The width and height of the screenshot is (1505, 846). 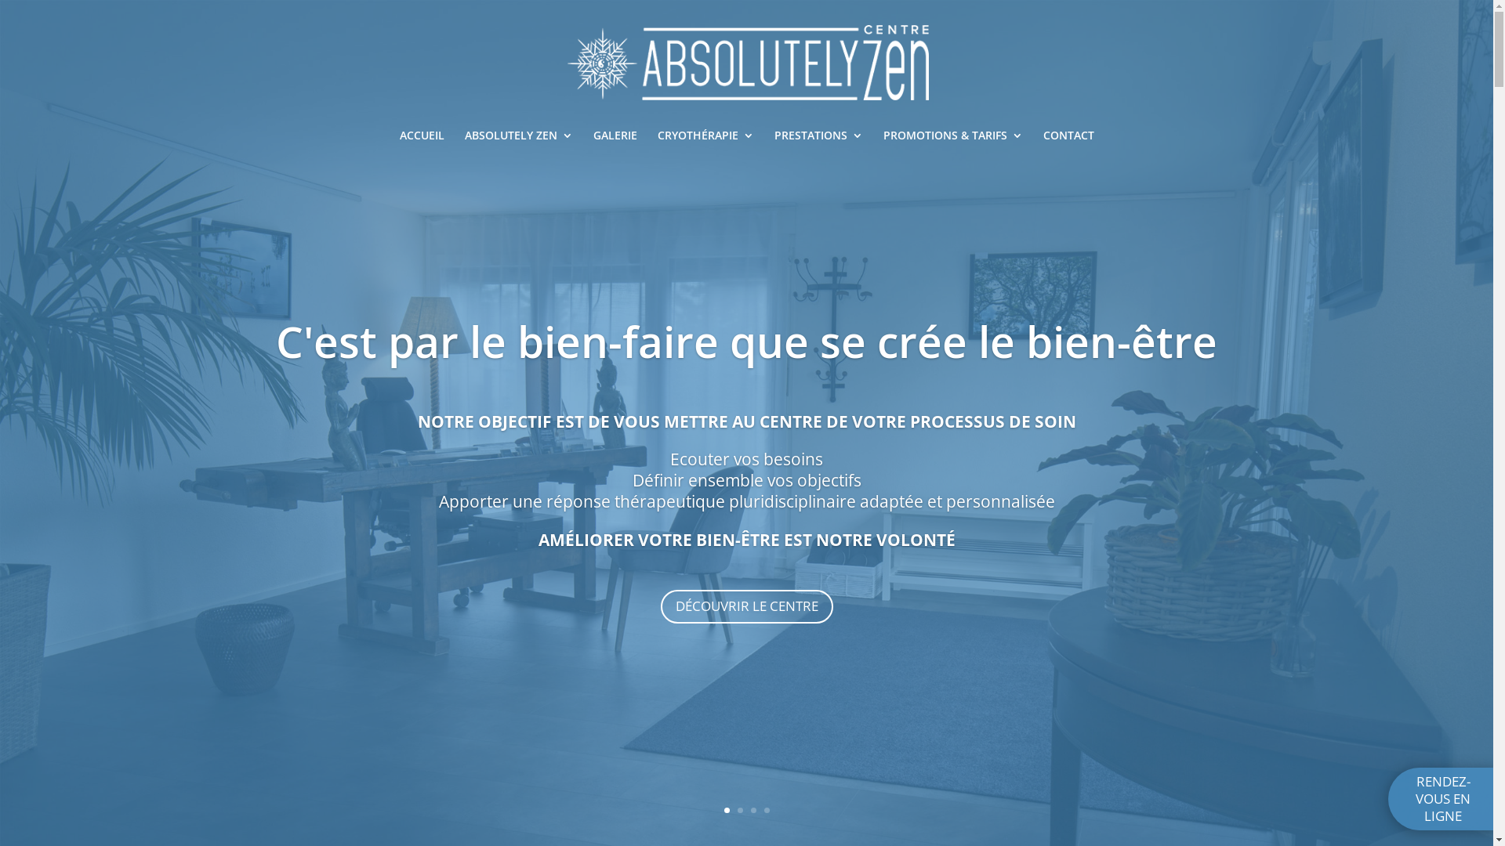 What do you see at coordinates (766, 810) in the screenshot?
I see `'4'` at bounding box center [766, 810].